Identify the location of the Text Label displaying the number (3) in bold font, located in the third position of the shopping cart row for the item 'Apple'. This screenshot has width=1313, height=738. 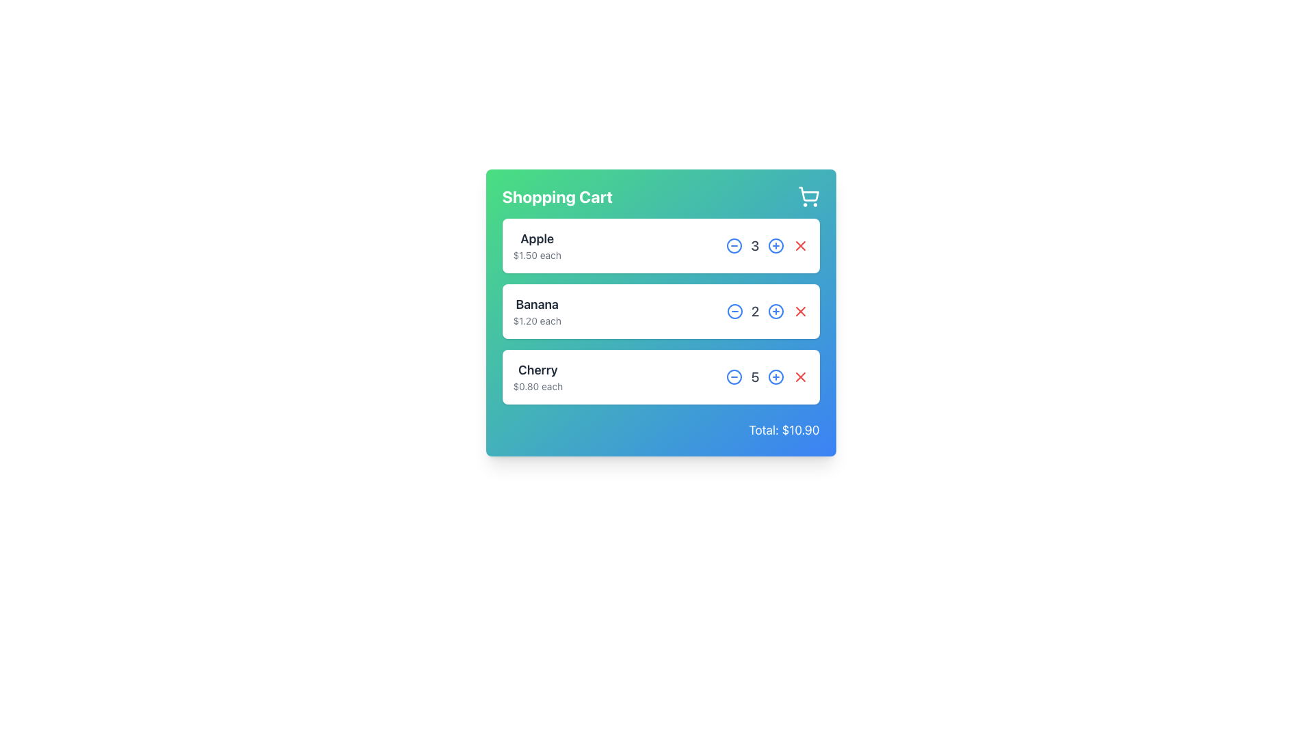
(767, 245).